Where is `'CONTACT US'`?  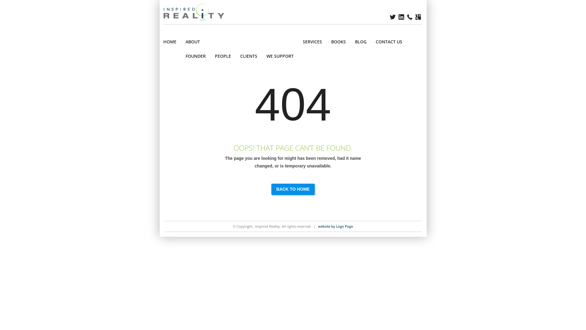 'CONTACT US' is located at coordinates (389, 41).